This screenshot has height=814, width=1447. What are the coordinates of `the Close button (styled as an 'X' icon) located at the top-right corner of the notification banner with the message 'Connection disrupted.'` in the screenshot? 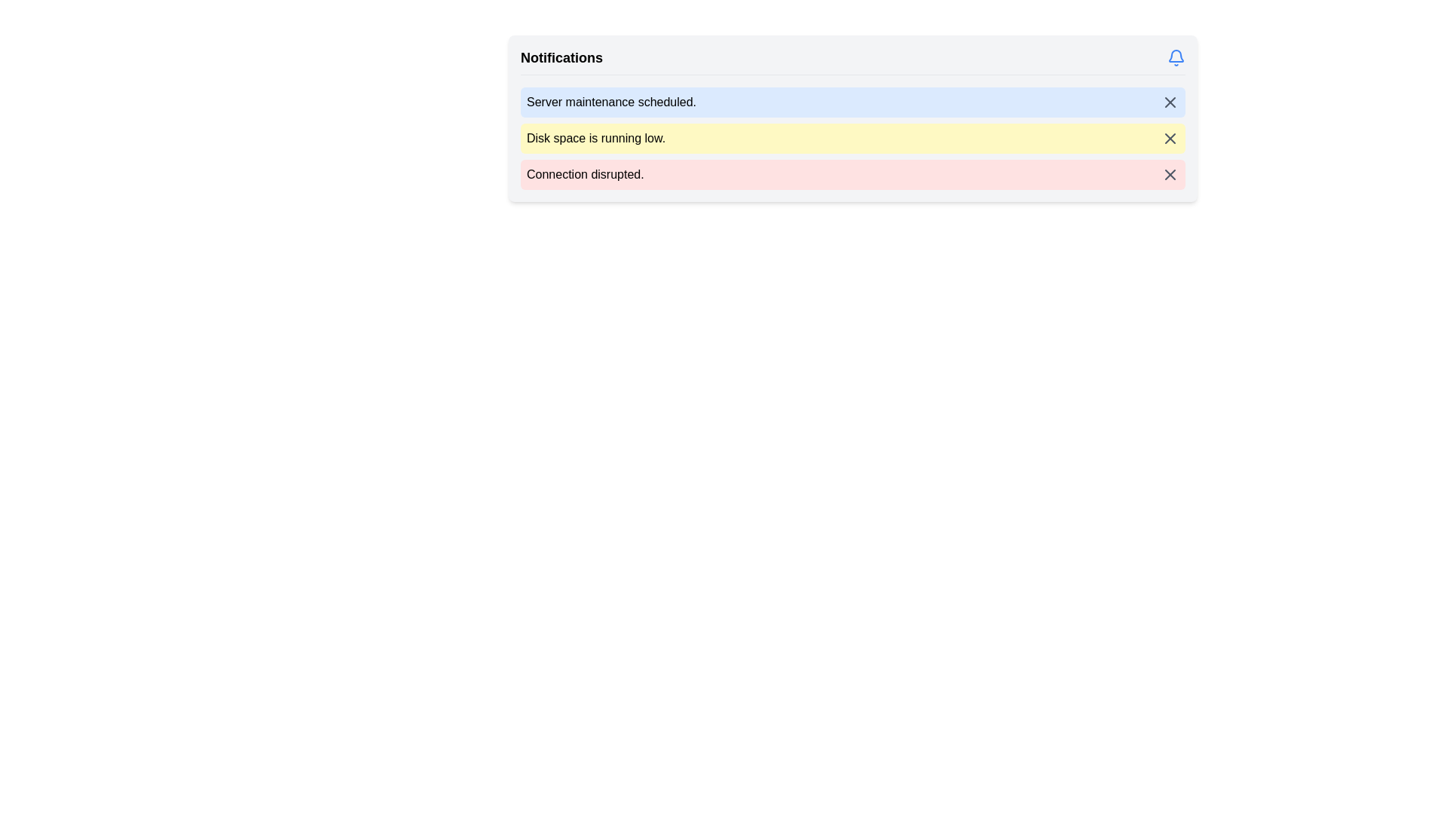 It's located at (1170, 173).